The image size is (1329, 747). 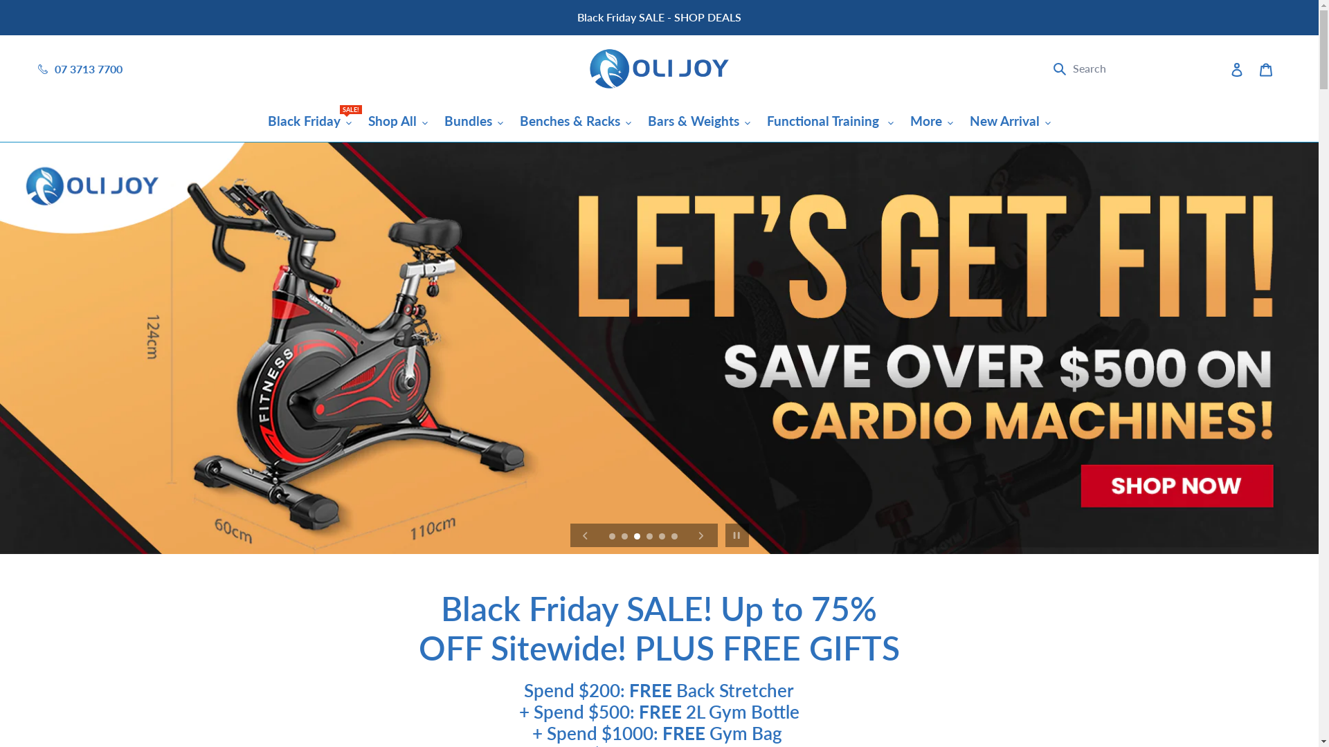 What do you see at coordinates (1010, 120) in the screenshot?
I see `'New Arrival'` at bounding box center [1010, 120].